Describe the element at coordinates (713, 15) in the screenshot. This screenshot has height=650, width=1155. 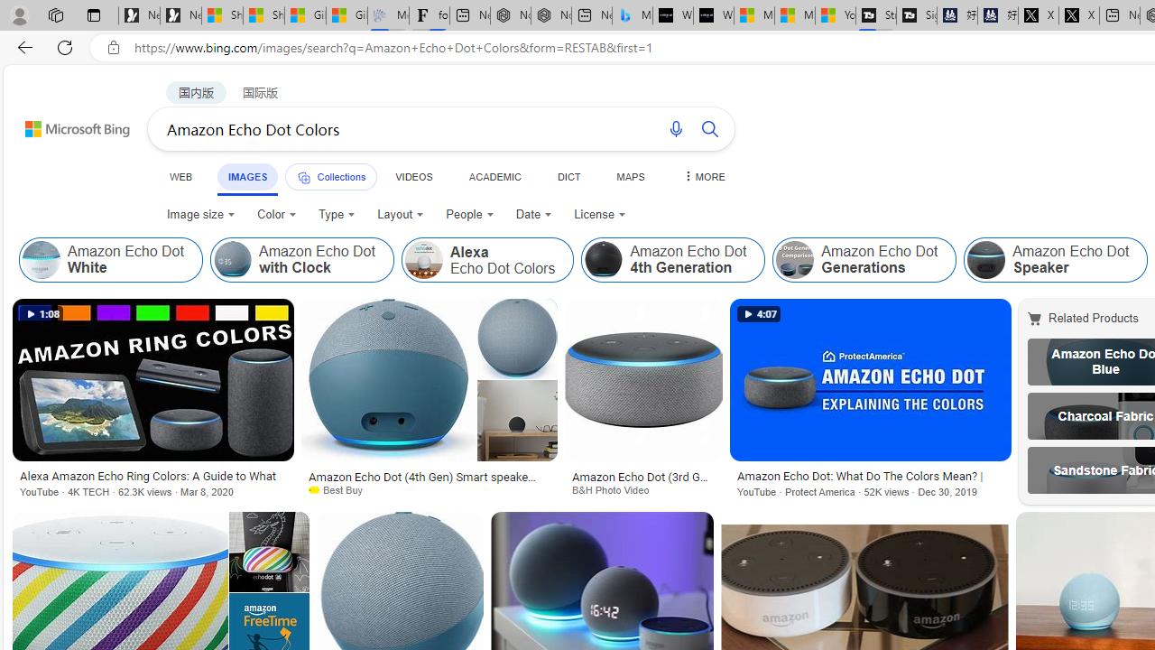
I see `'What'` at that location.